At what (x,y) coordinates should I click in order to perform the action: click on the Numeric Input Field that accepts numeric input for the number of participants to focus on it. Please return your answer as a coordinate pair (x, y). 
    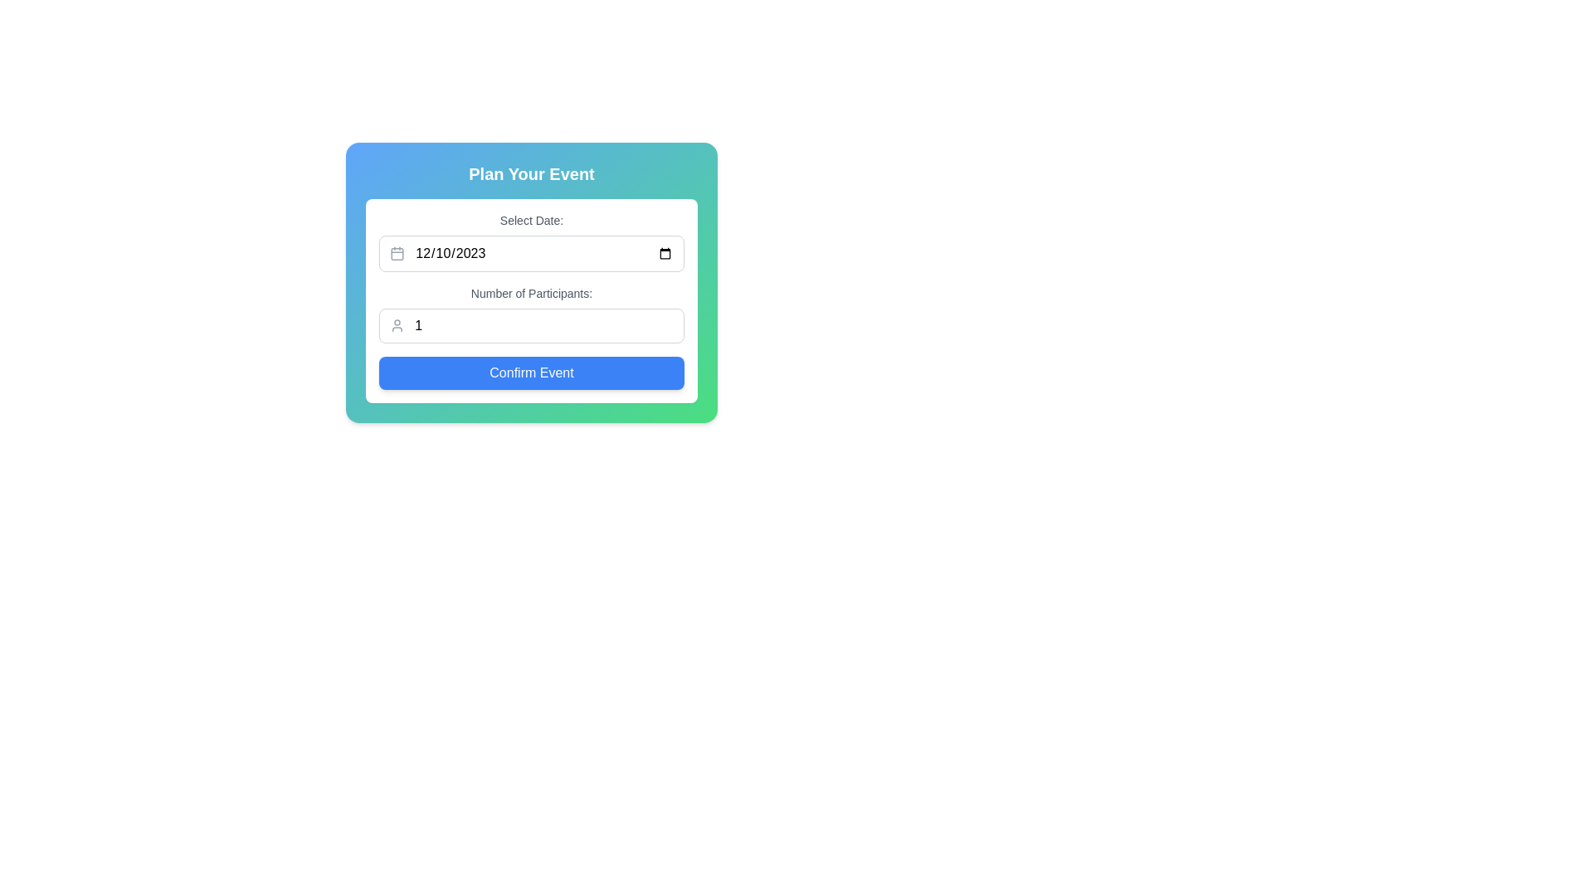
    Looking at the image, I should click on (544, 326).